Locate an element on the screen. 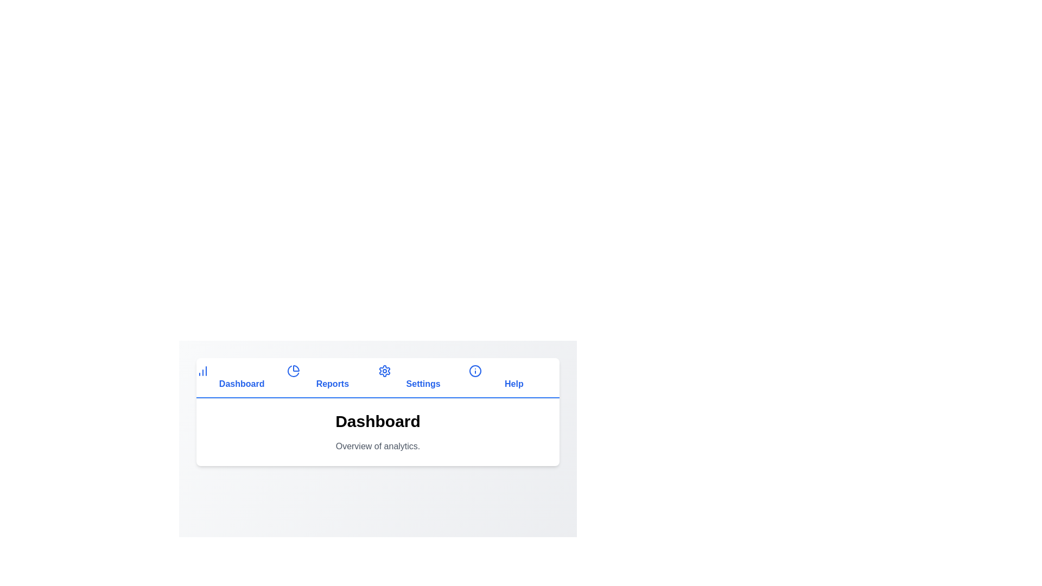  the 'Reports' tab in the tabbed interface is located at coordinates (332, 378).